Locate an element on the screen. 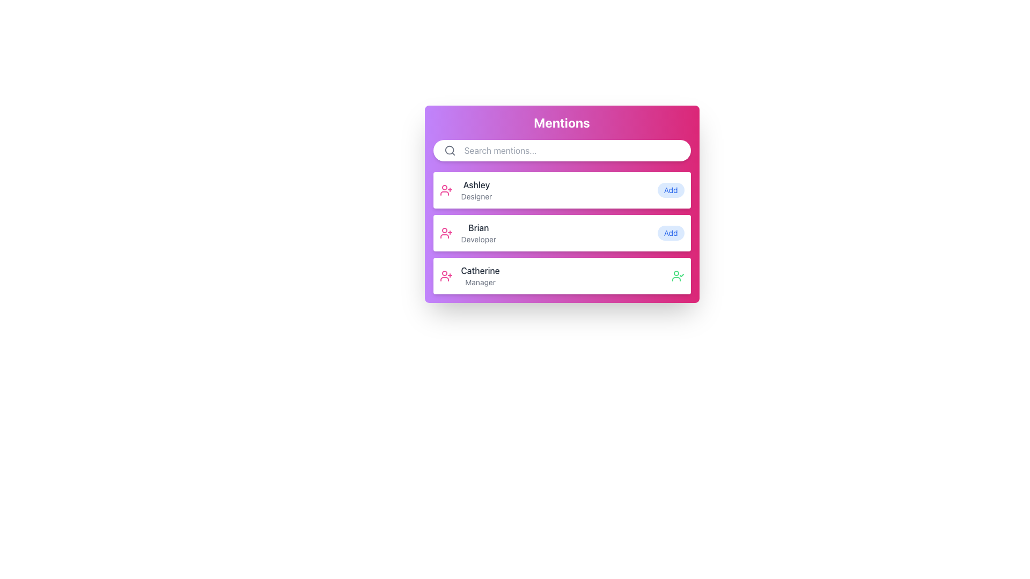  the confirmation icon representing the approval status for the user 'Catherine' is located at coordinates (677, 276).